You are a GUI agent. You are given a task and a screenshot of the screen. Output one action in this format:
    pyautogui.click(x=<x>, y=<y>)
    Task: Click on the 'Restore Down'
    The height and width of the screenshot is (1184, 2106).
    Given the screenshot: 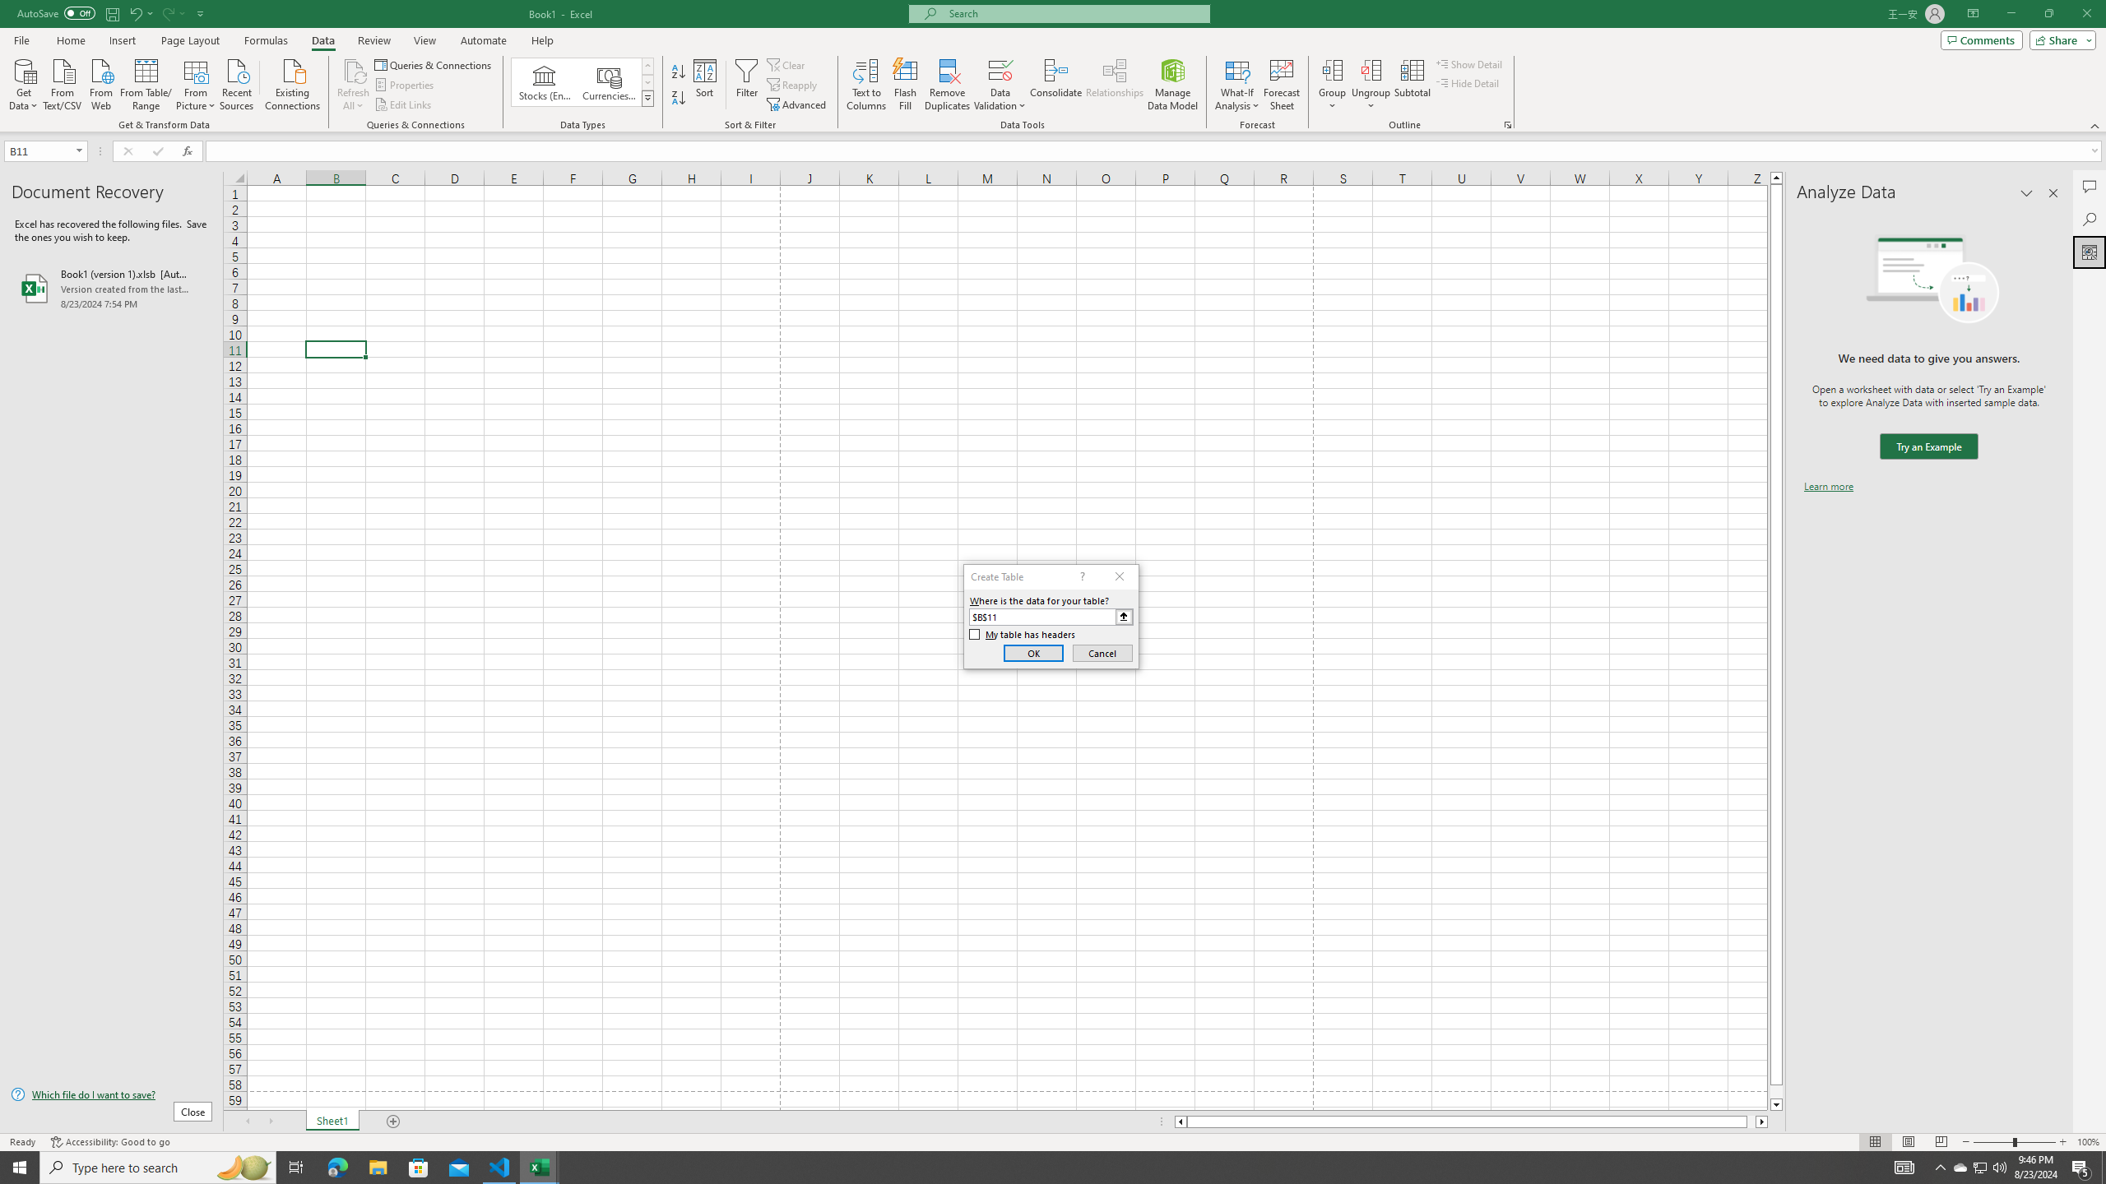 What is the action you would take?
    pyautogui.click(x=2048, y=13)
    